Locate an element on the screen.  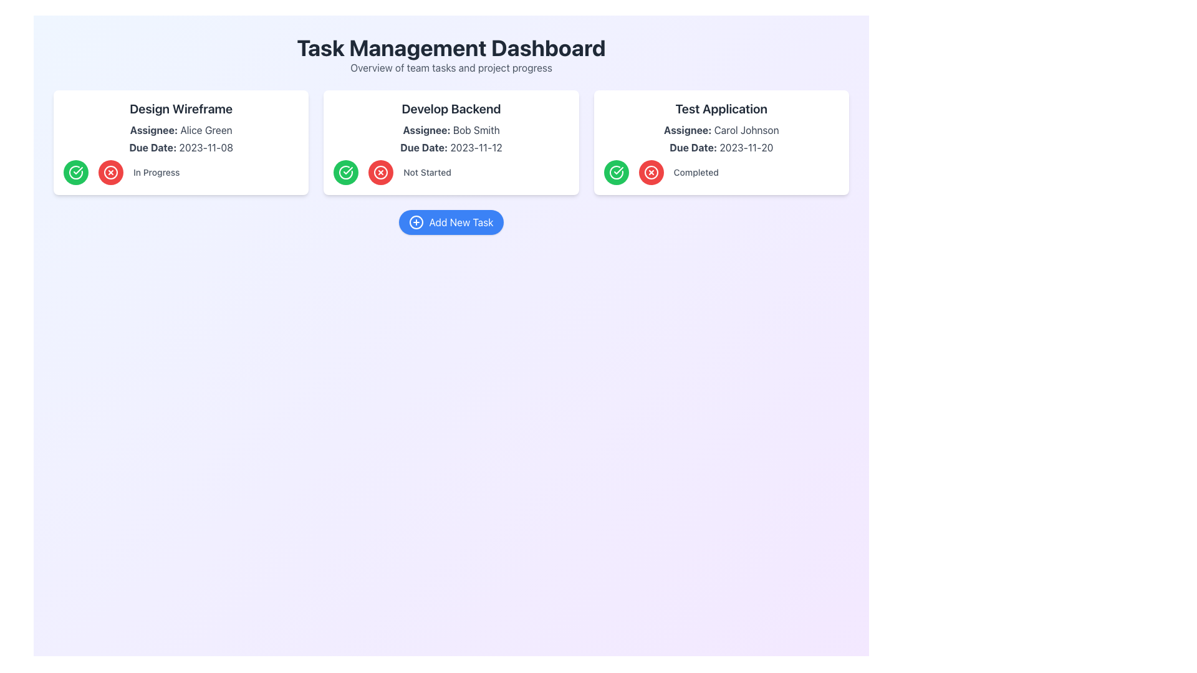
the text label reading 'Develop Backend' which is displayed in a bold and large font style at the top center of the middle card in a task management interface is located at coordinates (451, 108).